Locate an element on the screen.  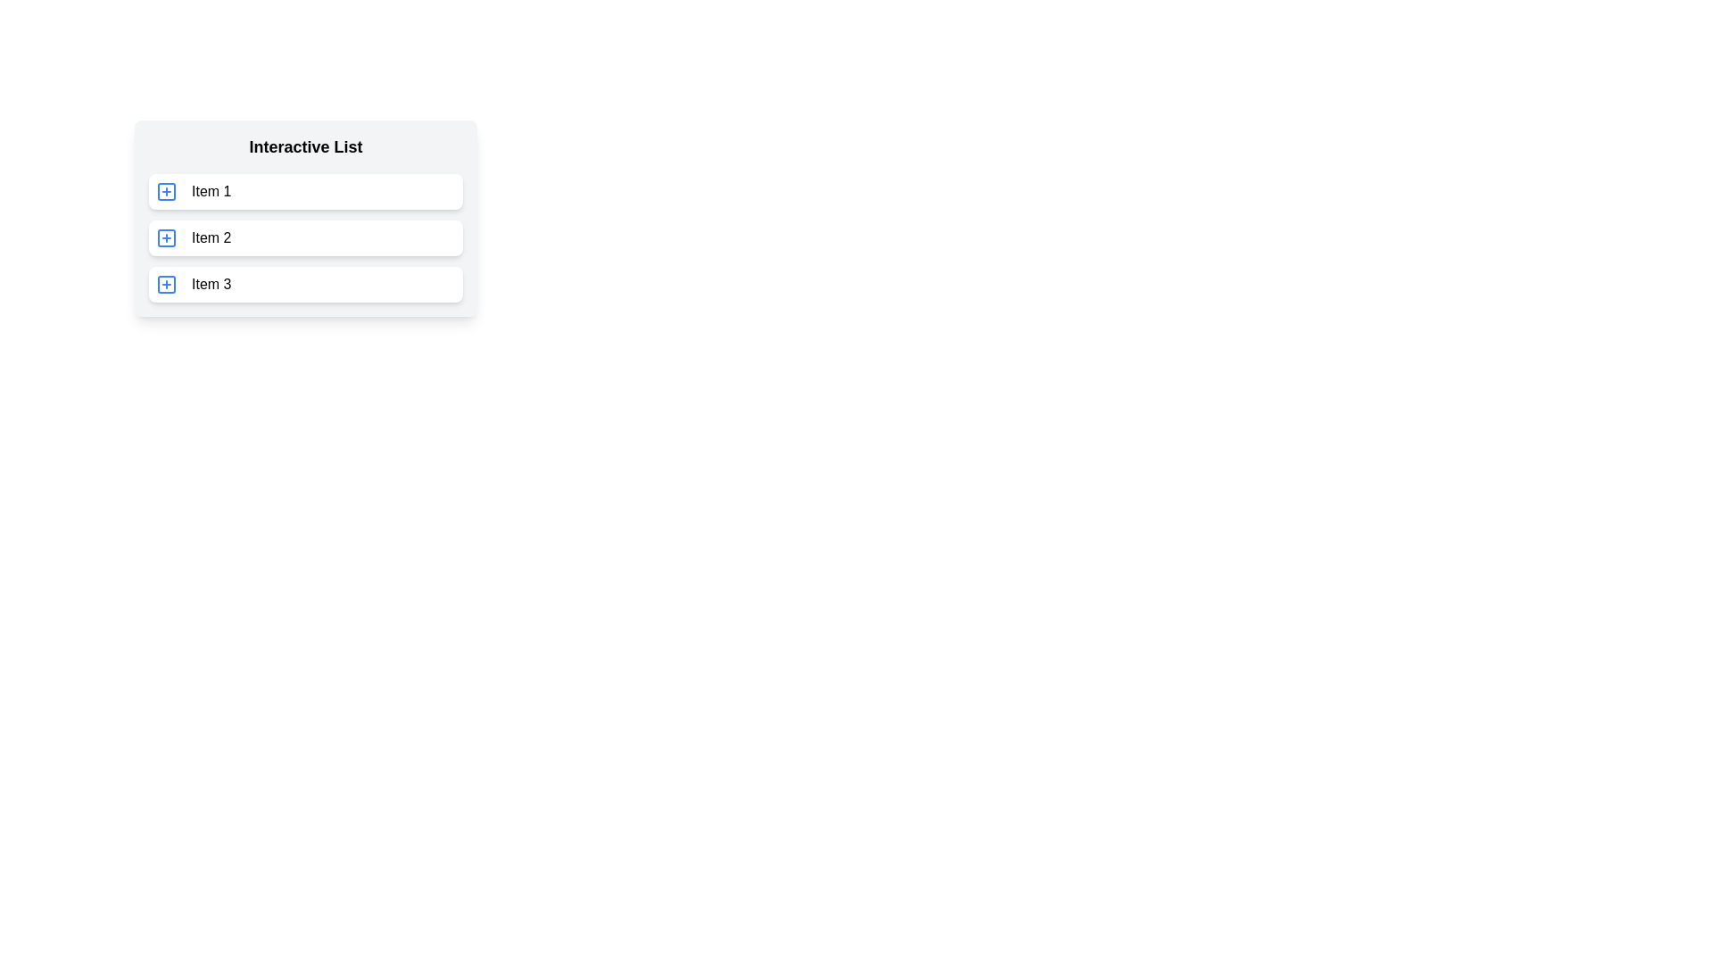
button corresponding to Item 3 to toggle its selection state is located at coordinates (167, 284).